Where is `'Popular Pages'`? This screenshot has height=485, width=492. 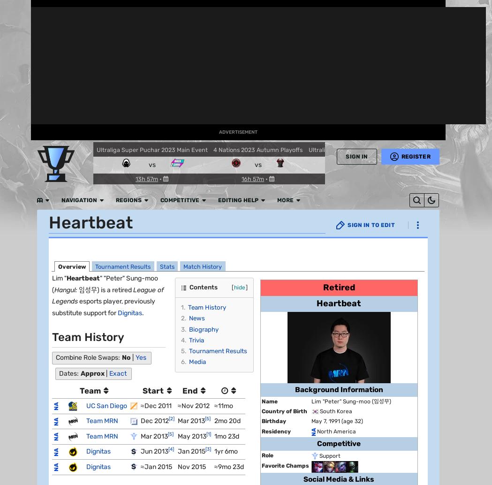
'Popular Pages' is located at coordinates (80, 214).